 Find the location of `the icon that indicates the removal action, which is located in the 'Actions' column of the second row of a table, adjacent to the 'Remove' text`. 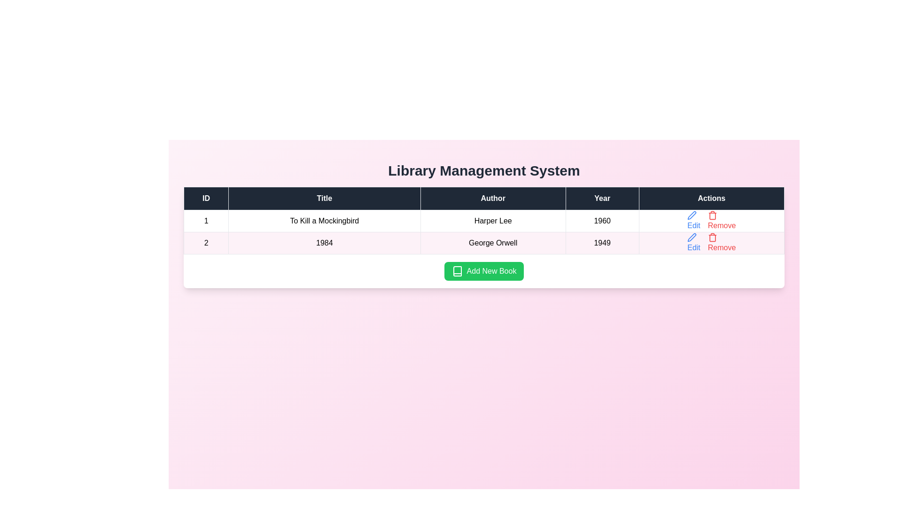

the icon that indicates the removal action, which is located in the 'Actions' column of the second row of a table, adjacent to the 'Remove' text is located at coordinates (712, 215).